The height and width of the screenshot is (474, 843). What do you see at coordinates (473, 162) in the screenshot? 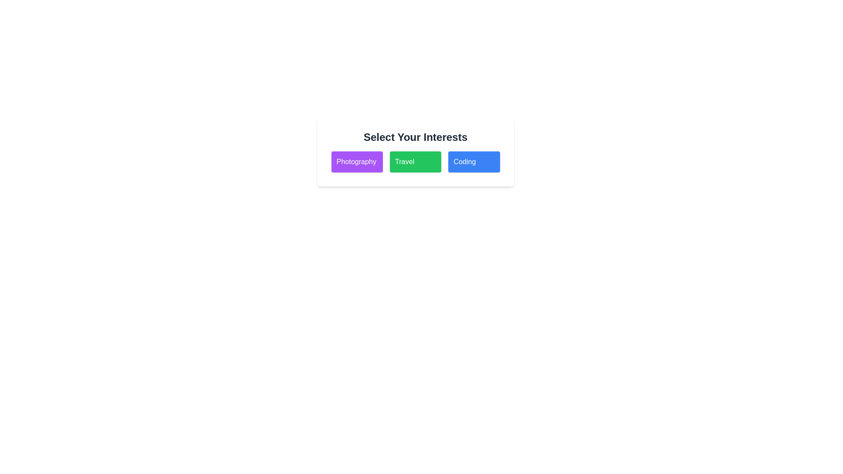
I see `the tag Coding to observe the hover effect` at bounding box center [473, 162].